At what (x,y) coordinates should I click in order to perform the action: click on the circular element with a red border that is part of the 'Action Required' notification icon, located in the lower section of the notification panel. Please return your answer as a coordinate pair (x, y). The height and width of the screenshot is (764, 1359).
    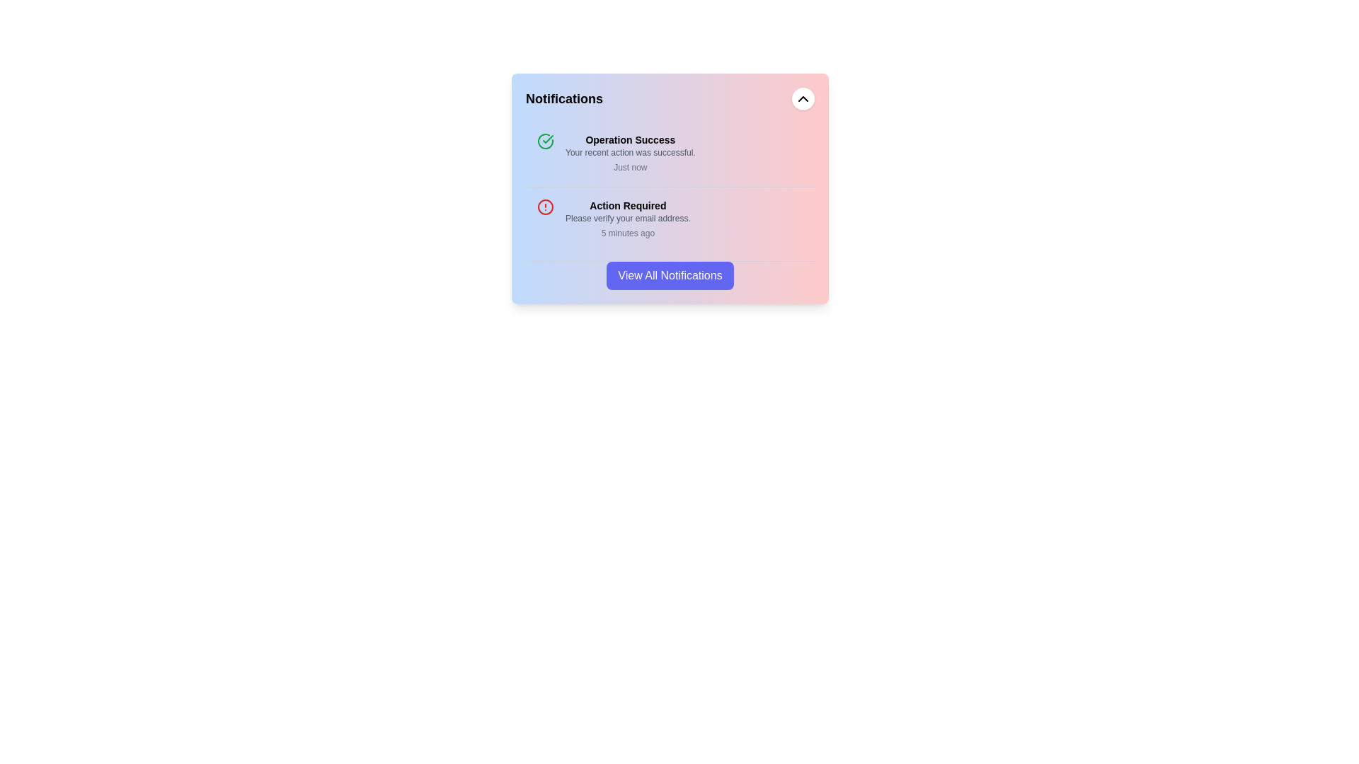
    Looking at the image, I should click on (545, 207).